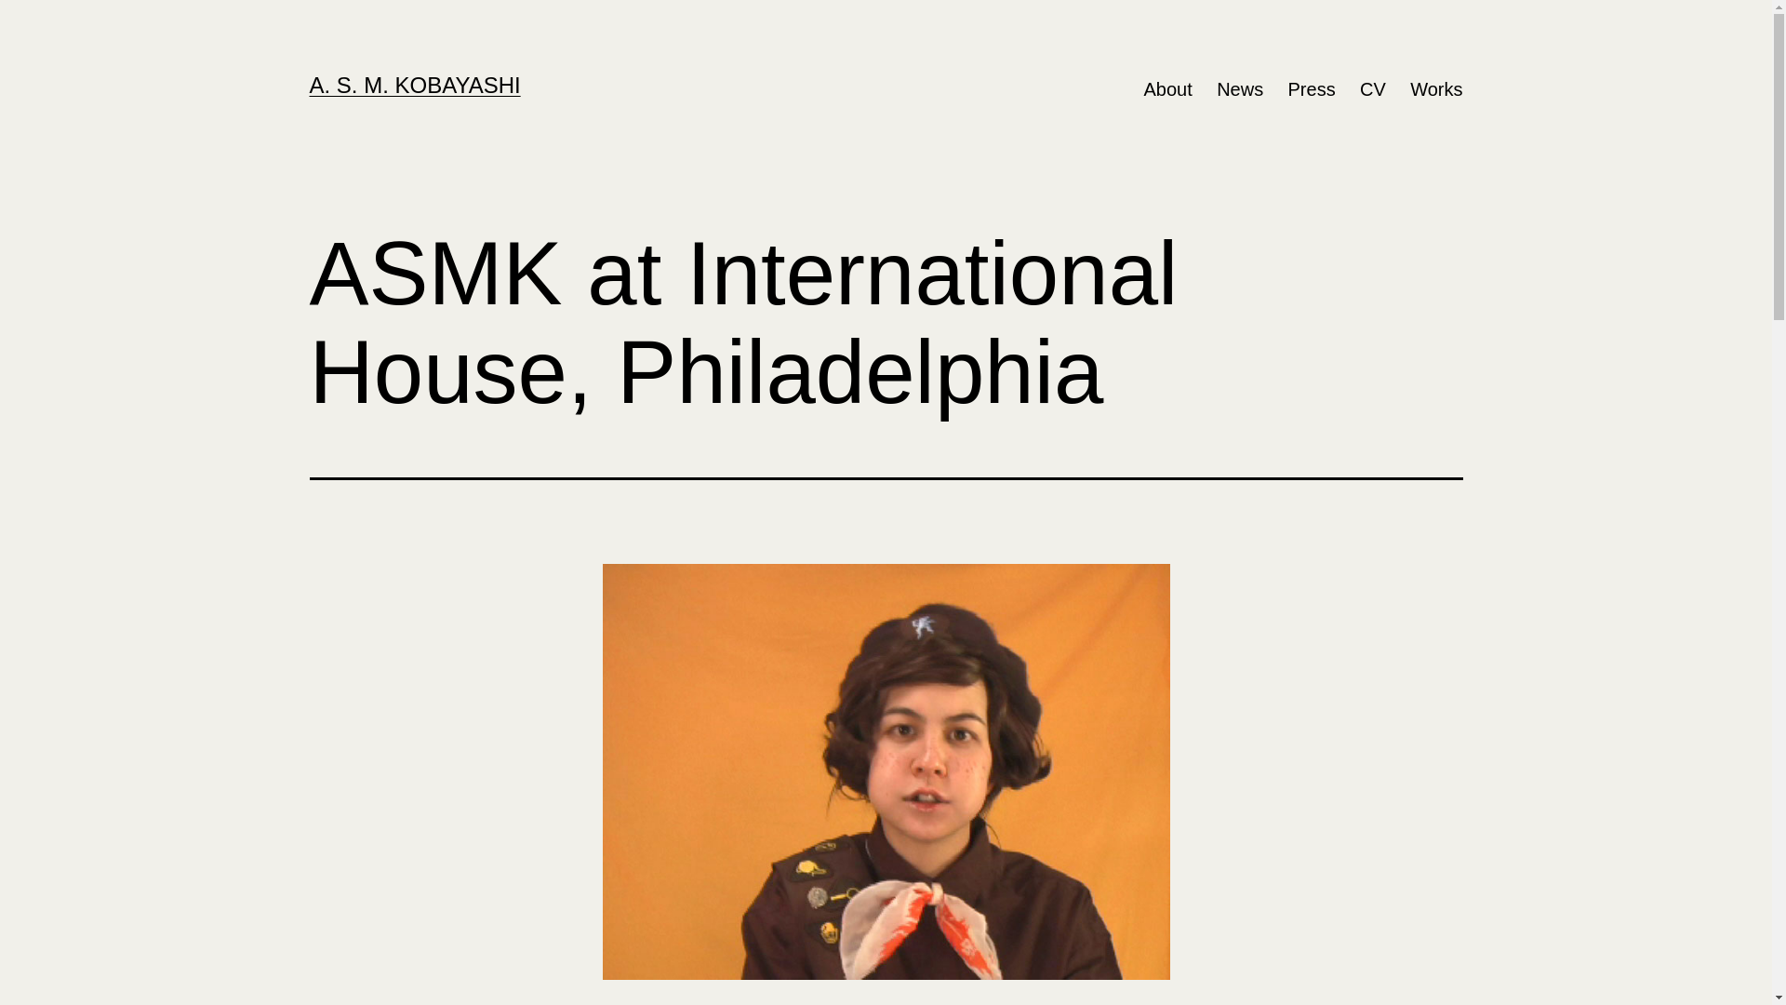  Describe the element at coordinates (1373, 89) in the screenshot. I see `'CV'` at that location.